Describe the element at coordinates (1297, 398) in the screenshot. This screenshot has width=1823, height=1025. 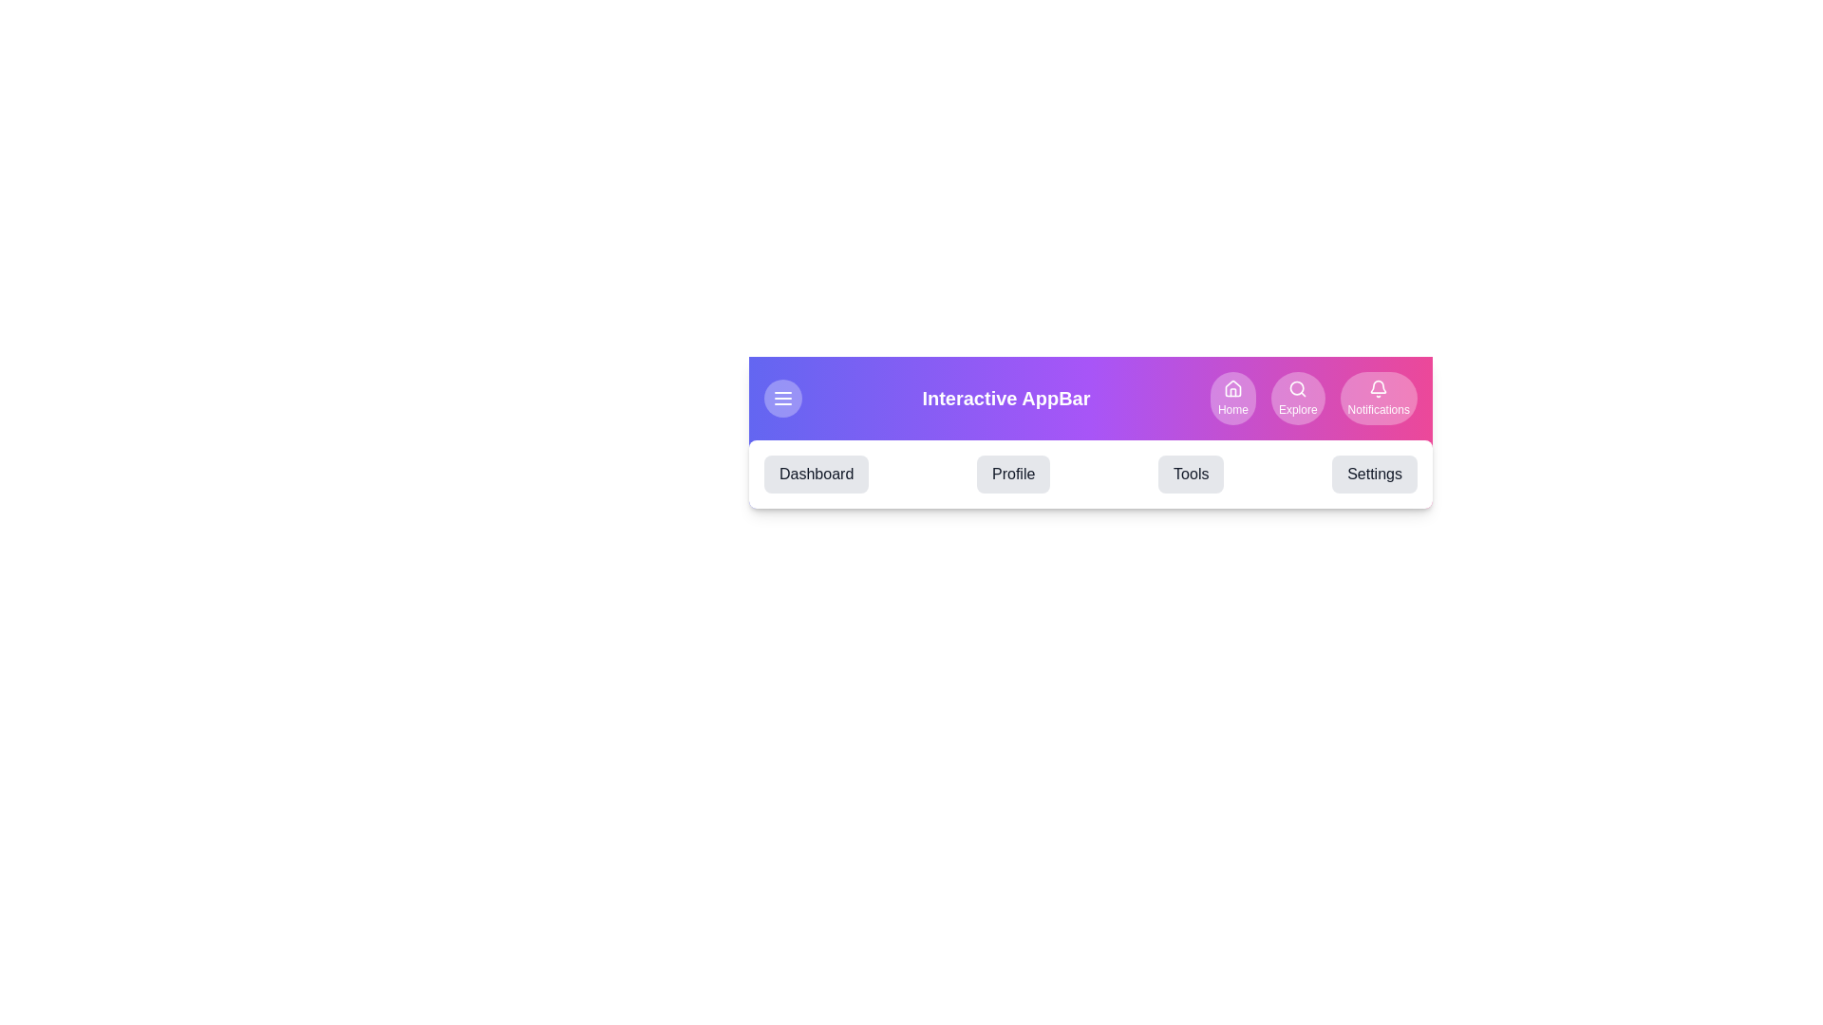
I see `the Explore button to navigate to the respective section` at that location.